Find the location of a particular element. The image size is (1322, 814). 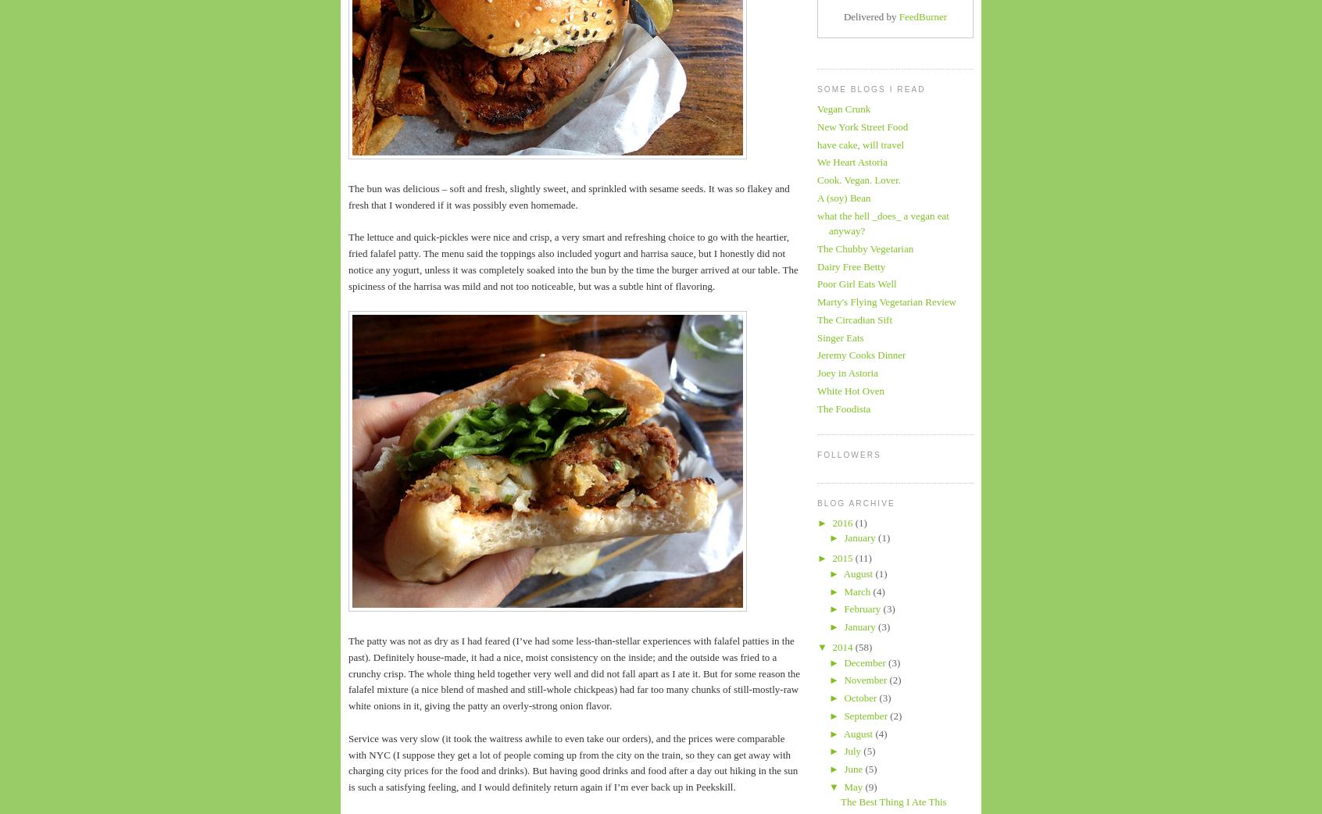

'New York Street Food' is located at coordinates (863, 126).